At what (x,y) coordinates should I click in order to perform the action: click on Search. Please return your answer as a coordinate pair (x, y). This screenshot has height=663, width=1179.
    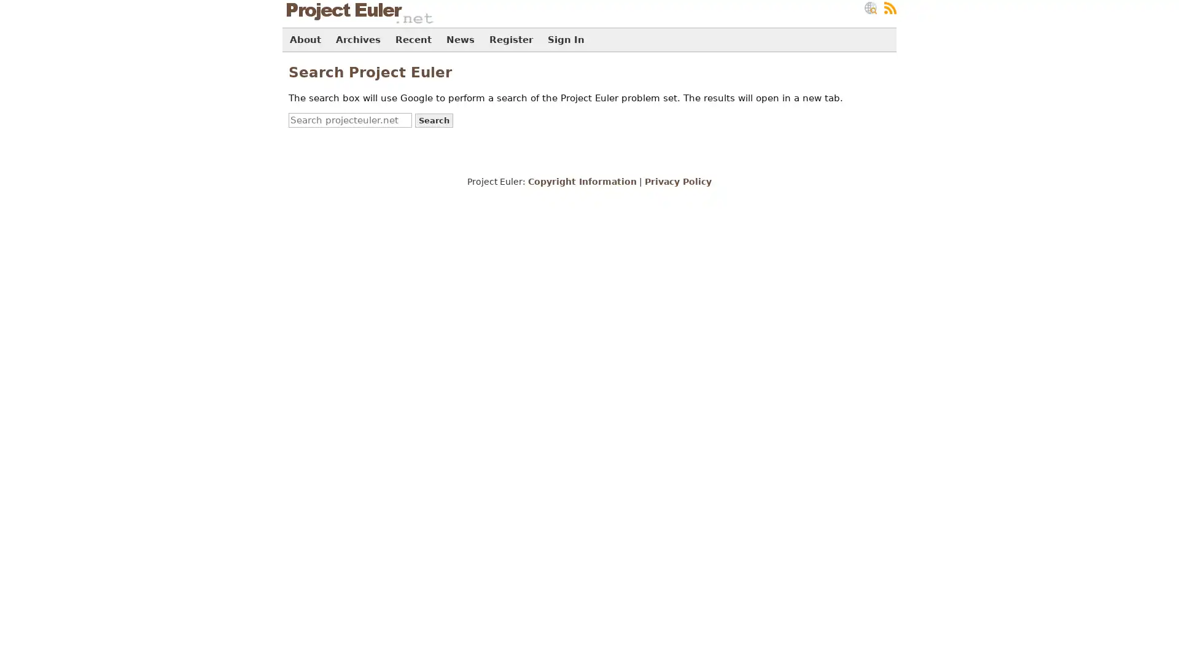
    Looking at the image, I should click on (434, 120).